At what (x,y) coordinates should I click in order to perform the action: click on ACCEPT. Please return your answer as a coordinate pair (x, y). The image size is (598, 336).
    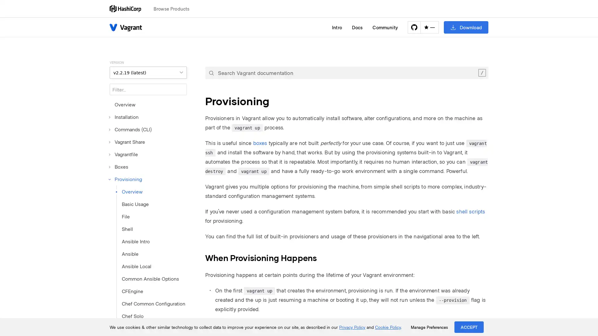
    Looking at the image, I should click on (469, 327).